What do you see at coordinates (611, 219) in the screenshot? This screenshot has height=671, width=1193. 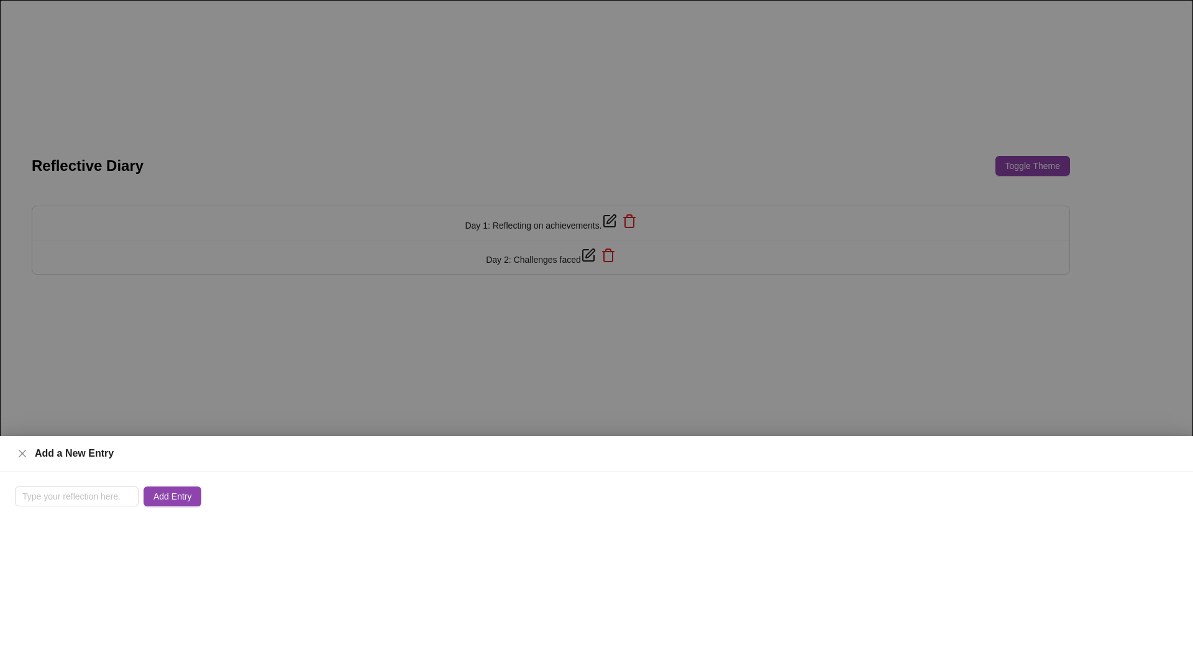 I see `the edit icon located at the upper-right of the entry labeled 'Day 1: Reflecting on achievements.' to initiate the edit mode` at bounding box center [611, 219].